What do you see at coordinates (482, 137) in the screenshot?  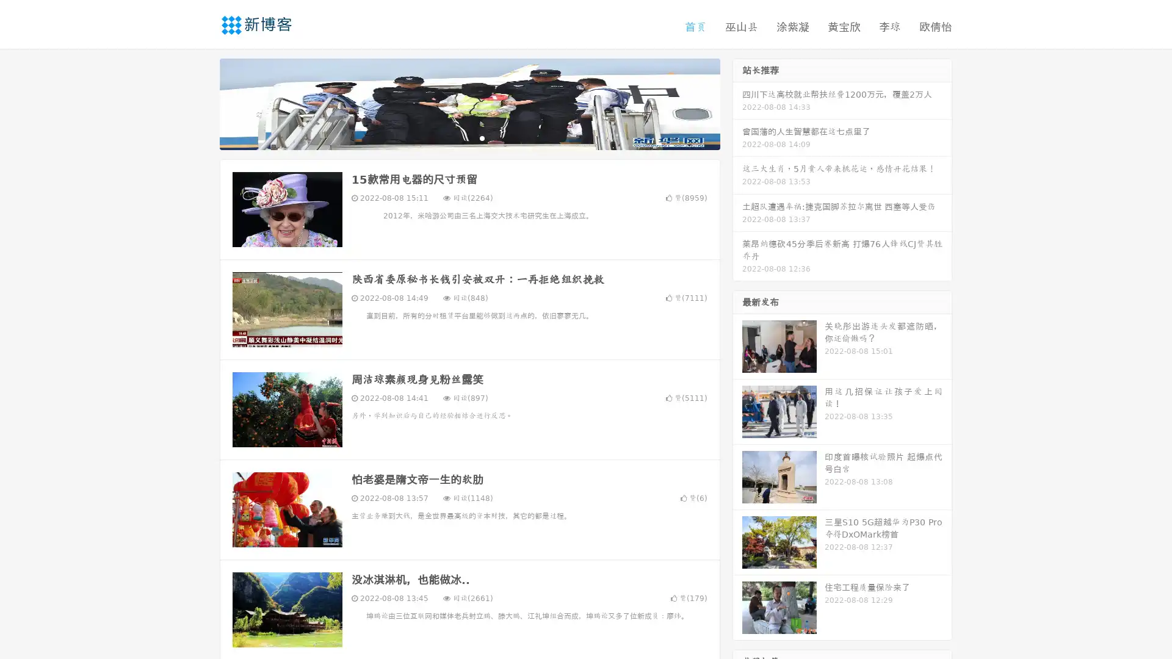 I see `Go to slide 3` at bounding box center [482, 137].